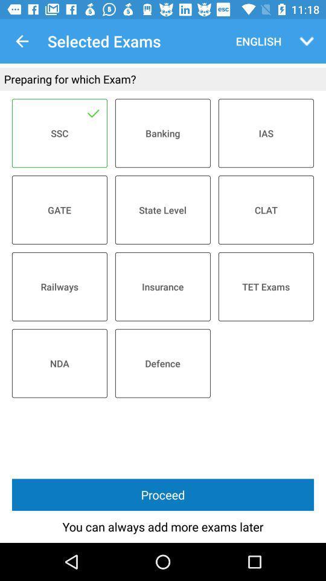  What do you see at coordinates (163, 494) in the screenshot?
I see `the item above the you can always item` at bounding box center [163, 494].